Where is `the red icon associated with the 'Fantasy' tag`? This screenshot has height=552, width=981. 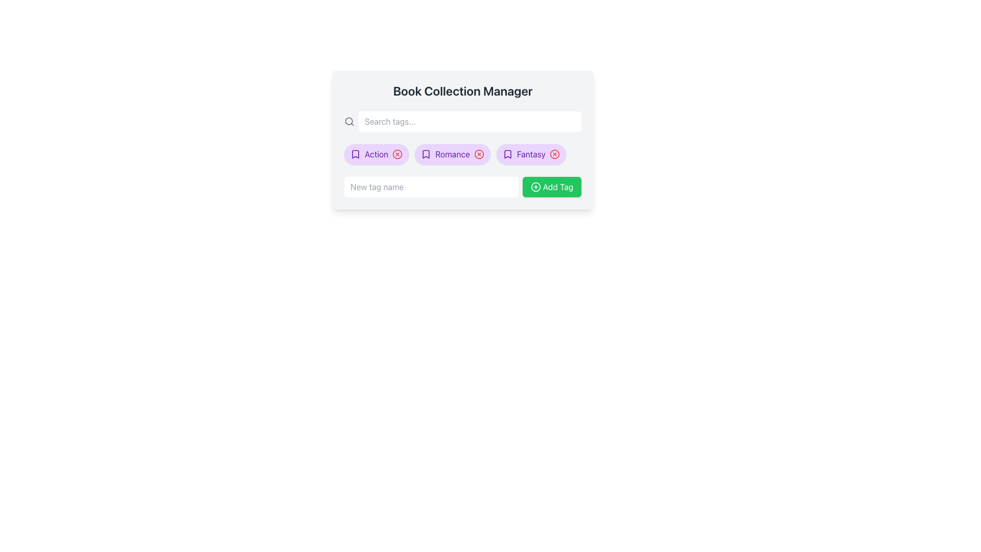 the red icon associated with the 'Fantasy' tag is located at coordinates (531, 154).